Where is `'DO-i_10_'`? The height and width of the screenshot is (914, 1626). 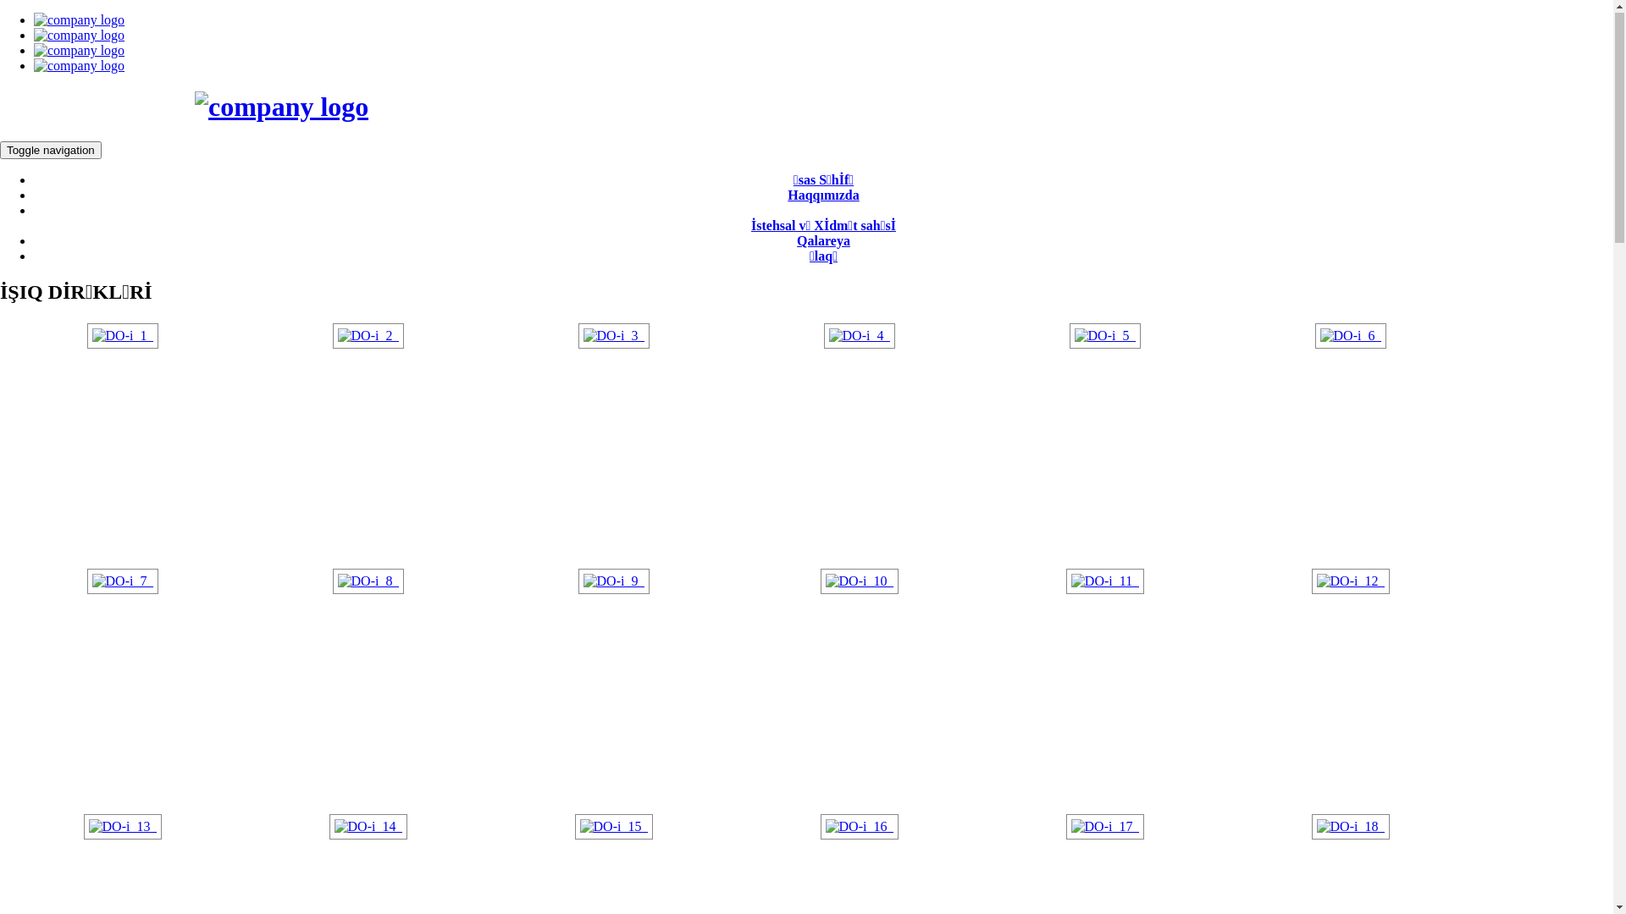
'DO-i_10_' is located at coordinates (860, 581).